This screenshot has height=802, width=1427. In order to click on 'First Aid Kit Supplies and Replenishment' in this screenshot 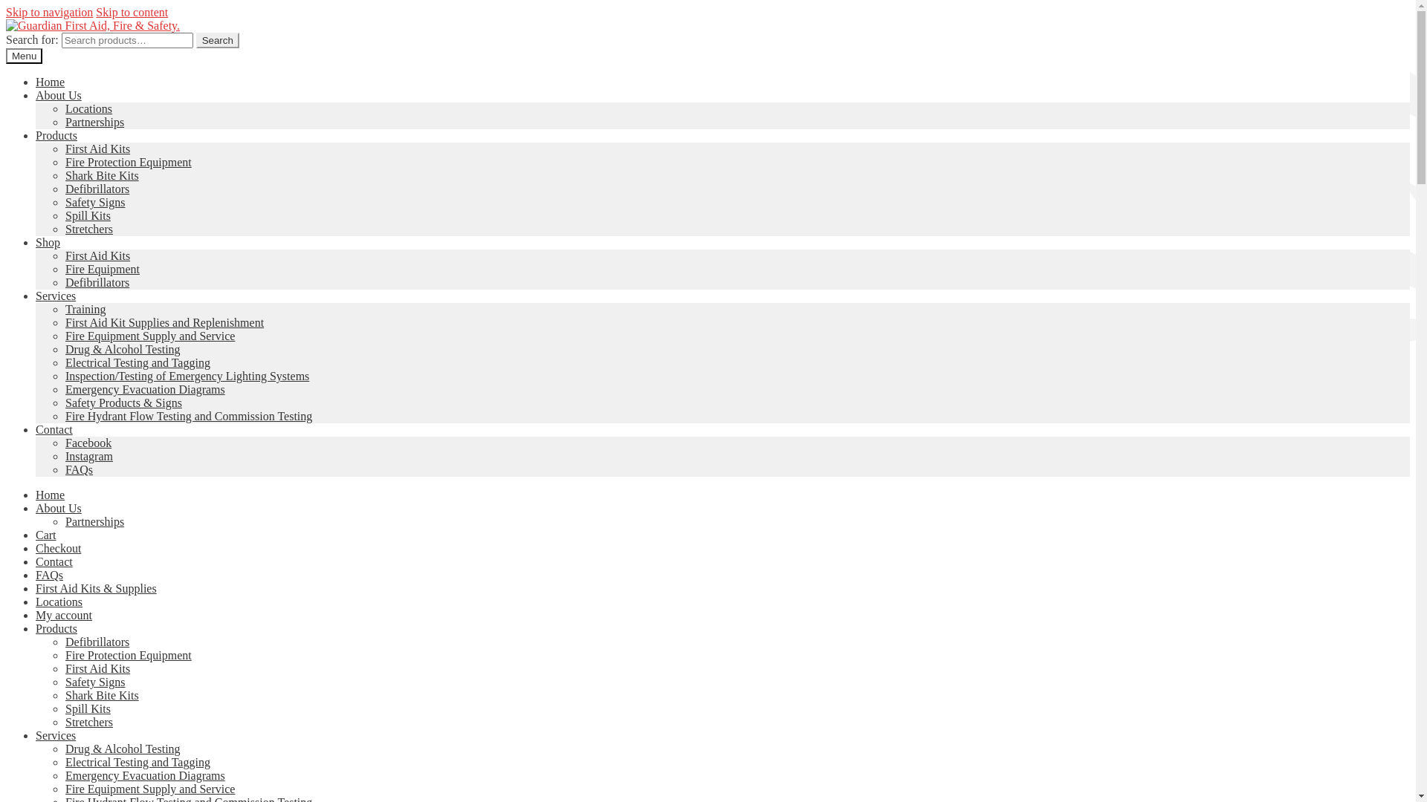, I will do `click(164, 322)`.